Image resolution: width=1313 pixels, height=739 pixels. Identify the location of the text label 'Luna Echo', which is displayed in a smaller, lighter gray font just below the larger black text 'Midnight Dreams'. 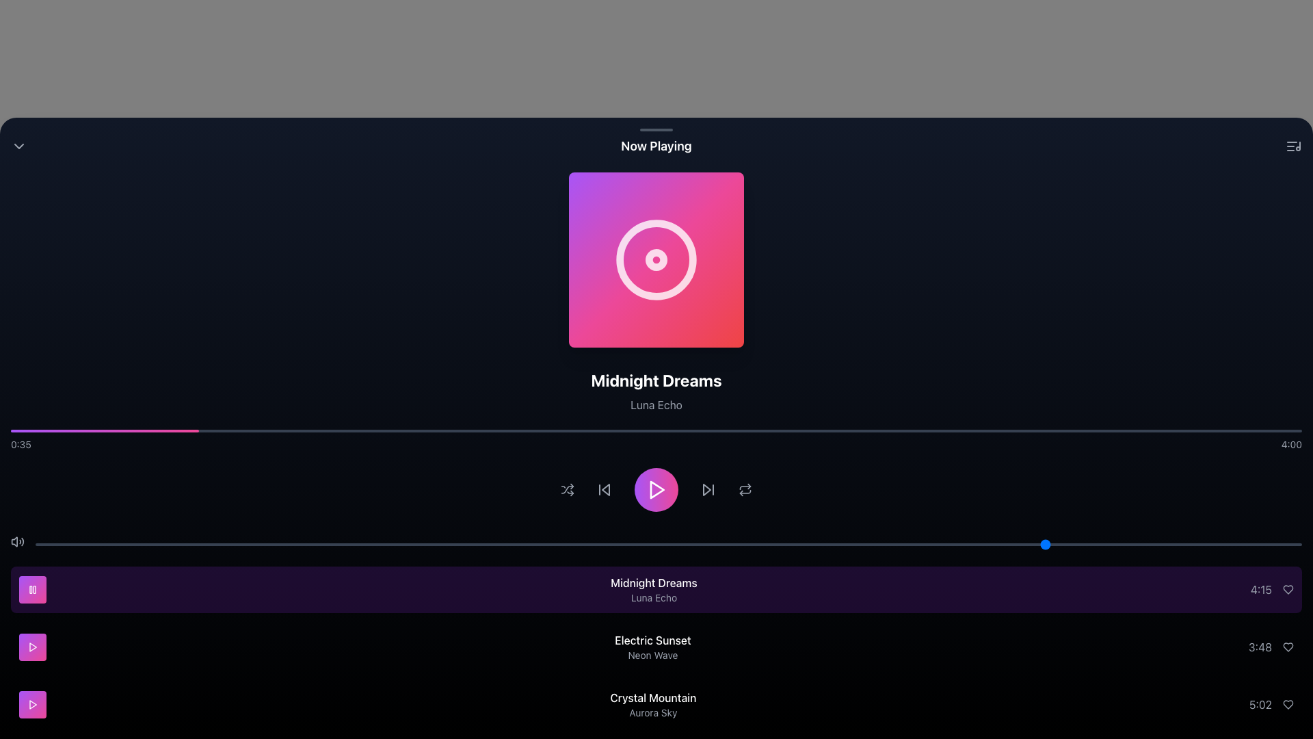
(656, 404).